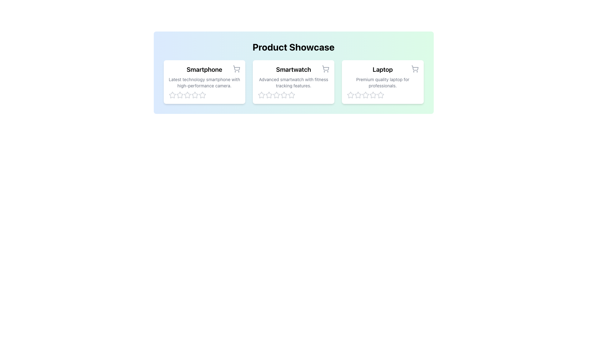 This screenshot has height=337, width=600. Describe the element at coordinates (291, 95) in the screenshot. I see `the third star icon in the rating control for the smartwatch product` at that location.